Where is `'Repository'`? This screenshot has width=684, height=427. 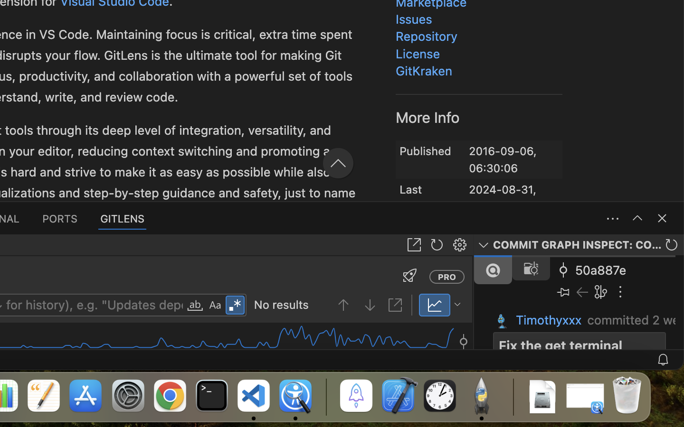
'Repository' is located at coordinates (426, 36).